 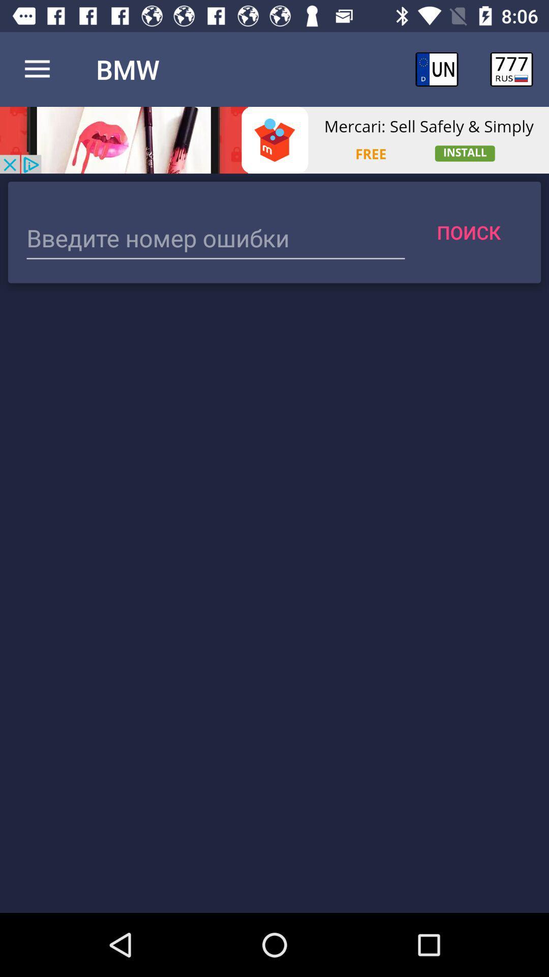 What do you see at coordinates (274, 139) in the screenshot?
I see `upload the app` at bounding box center [274, 139].